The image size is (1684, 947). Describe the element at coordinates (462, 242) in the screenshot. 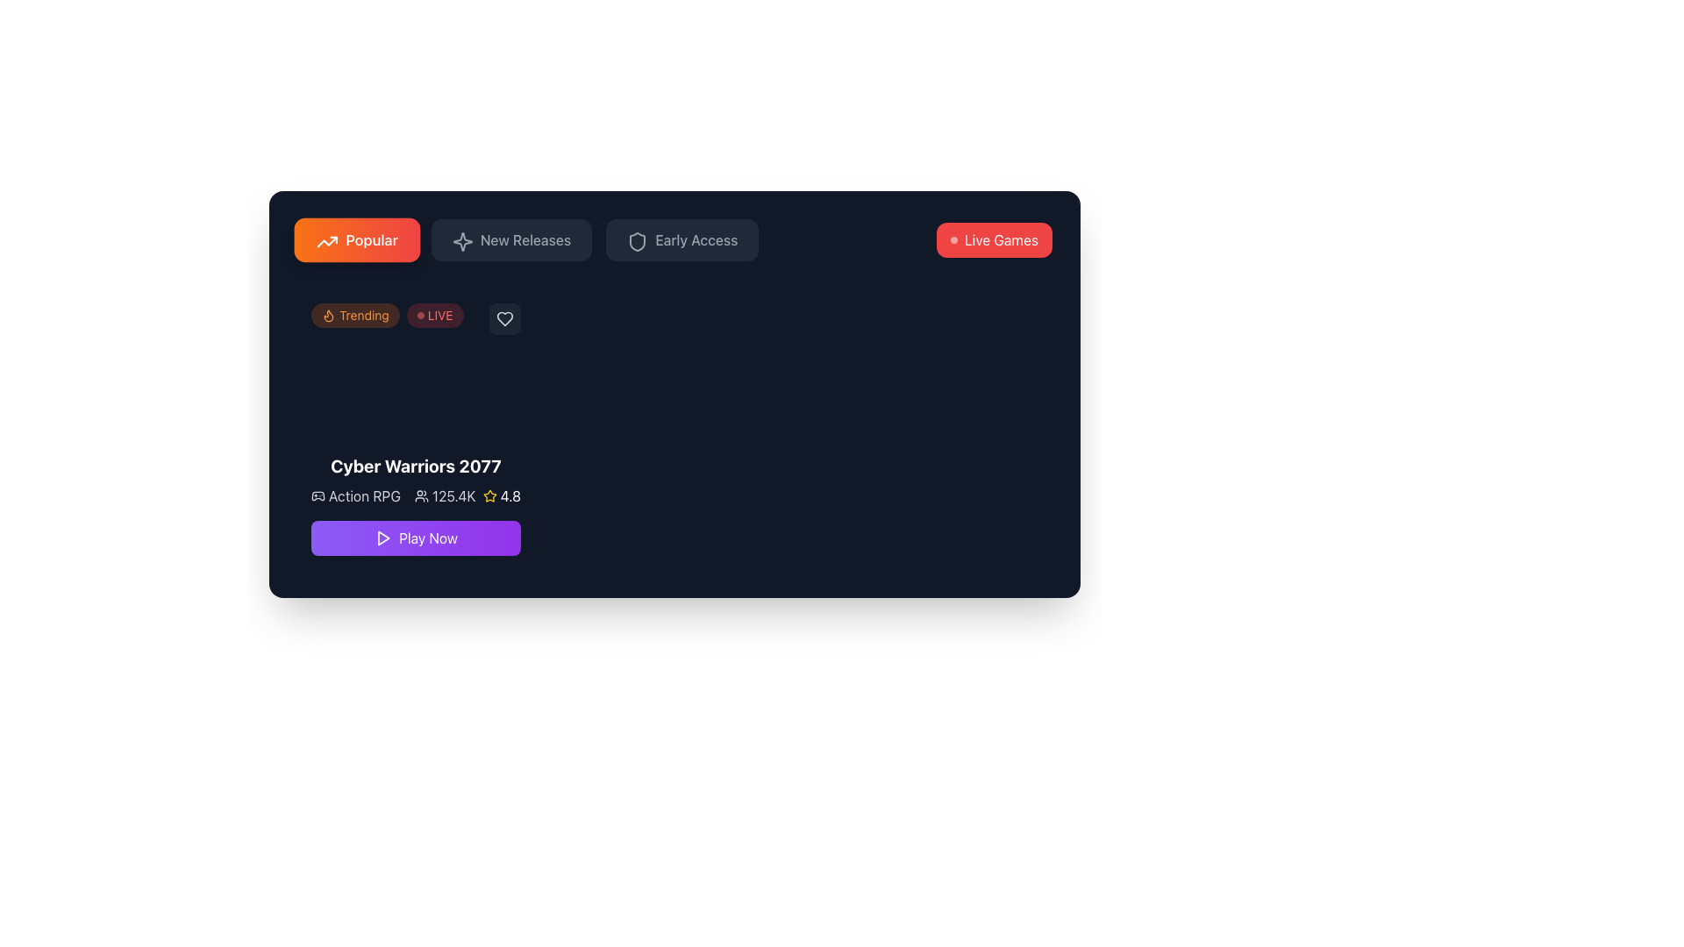

I see `the star-like icon with a sparkle effect, which is the second option in the horizontal menu bar, located between the 'Popular' and 'Early Access' buttons` at that location.